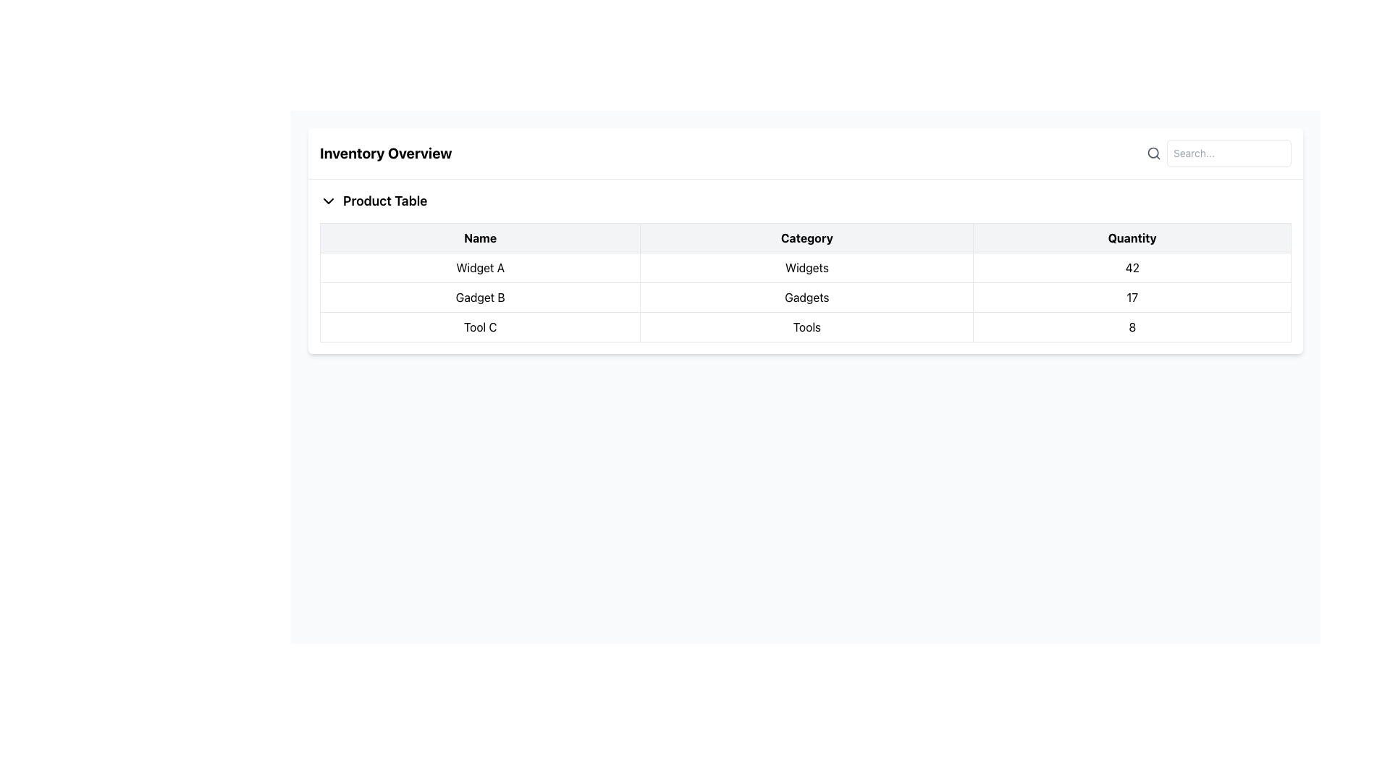  I want to click on the search icon located in the top-right corner of the interface, so click(1153, 154).